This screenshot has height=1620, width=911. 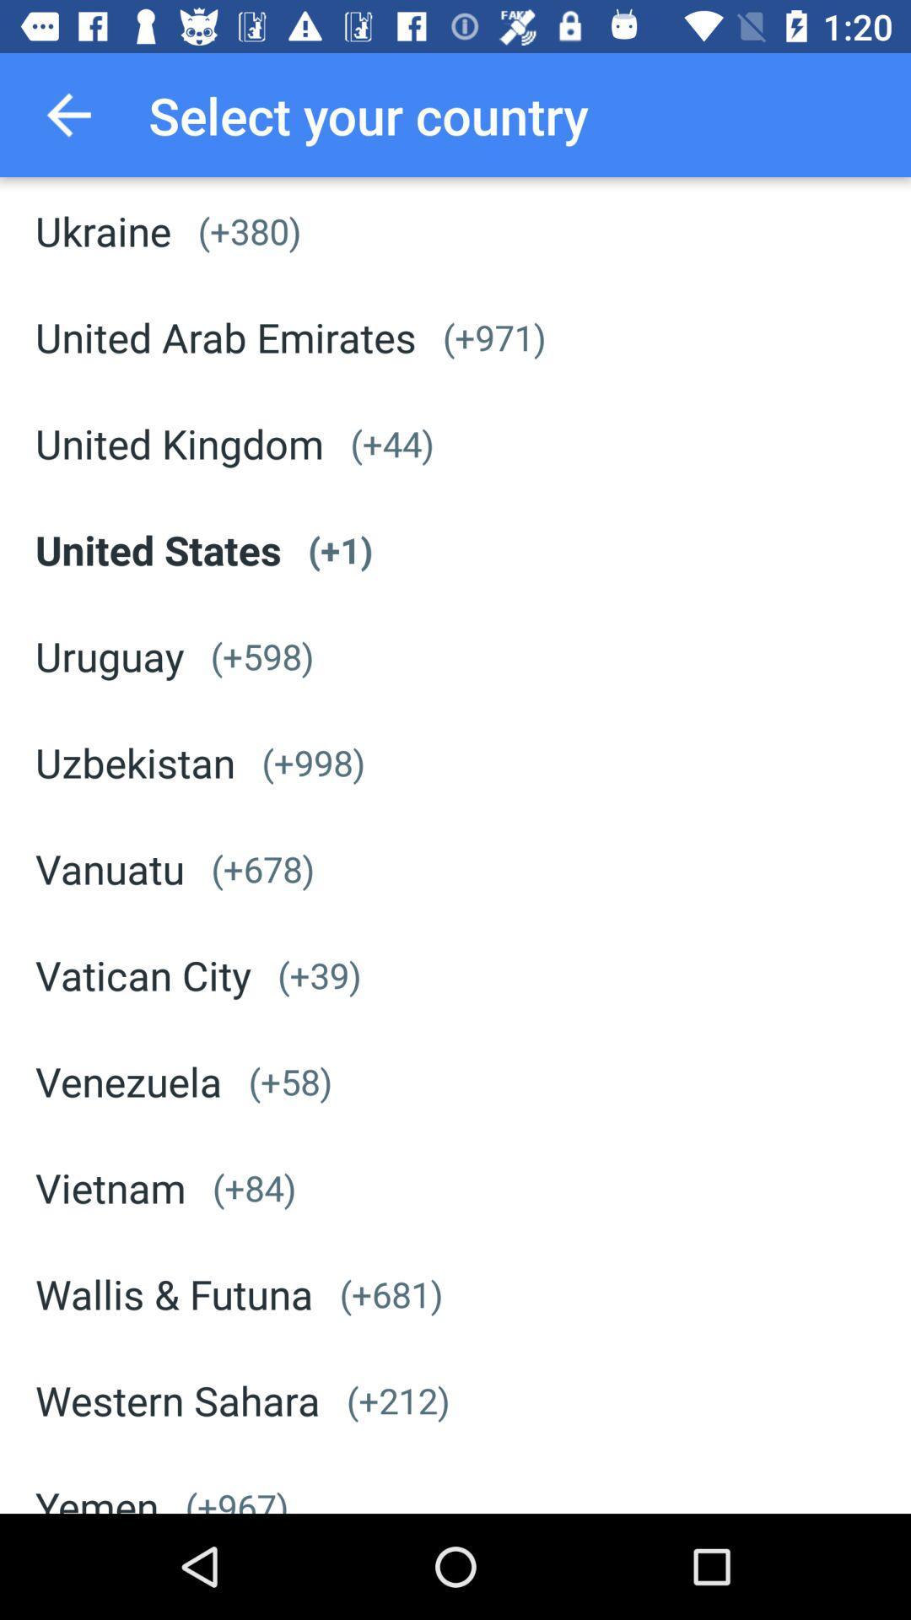 What do you see at coordinates (254, 1186) in the screenshot?
I see `icon above wallis & futuna item` at bounding box center [254, 1186].